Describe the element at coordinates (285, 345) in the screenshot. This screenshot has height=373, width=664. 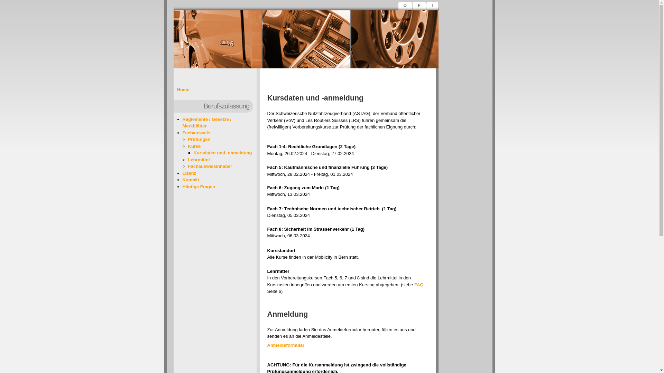
I see `'Anmeldeformular'` at that location.